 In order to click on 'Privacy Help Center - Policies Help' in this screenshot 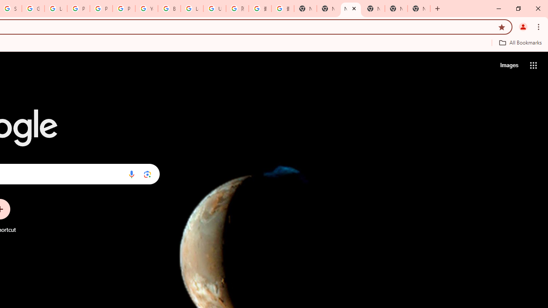, I will do `click(78, 9)`.